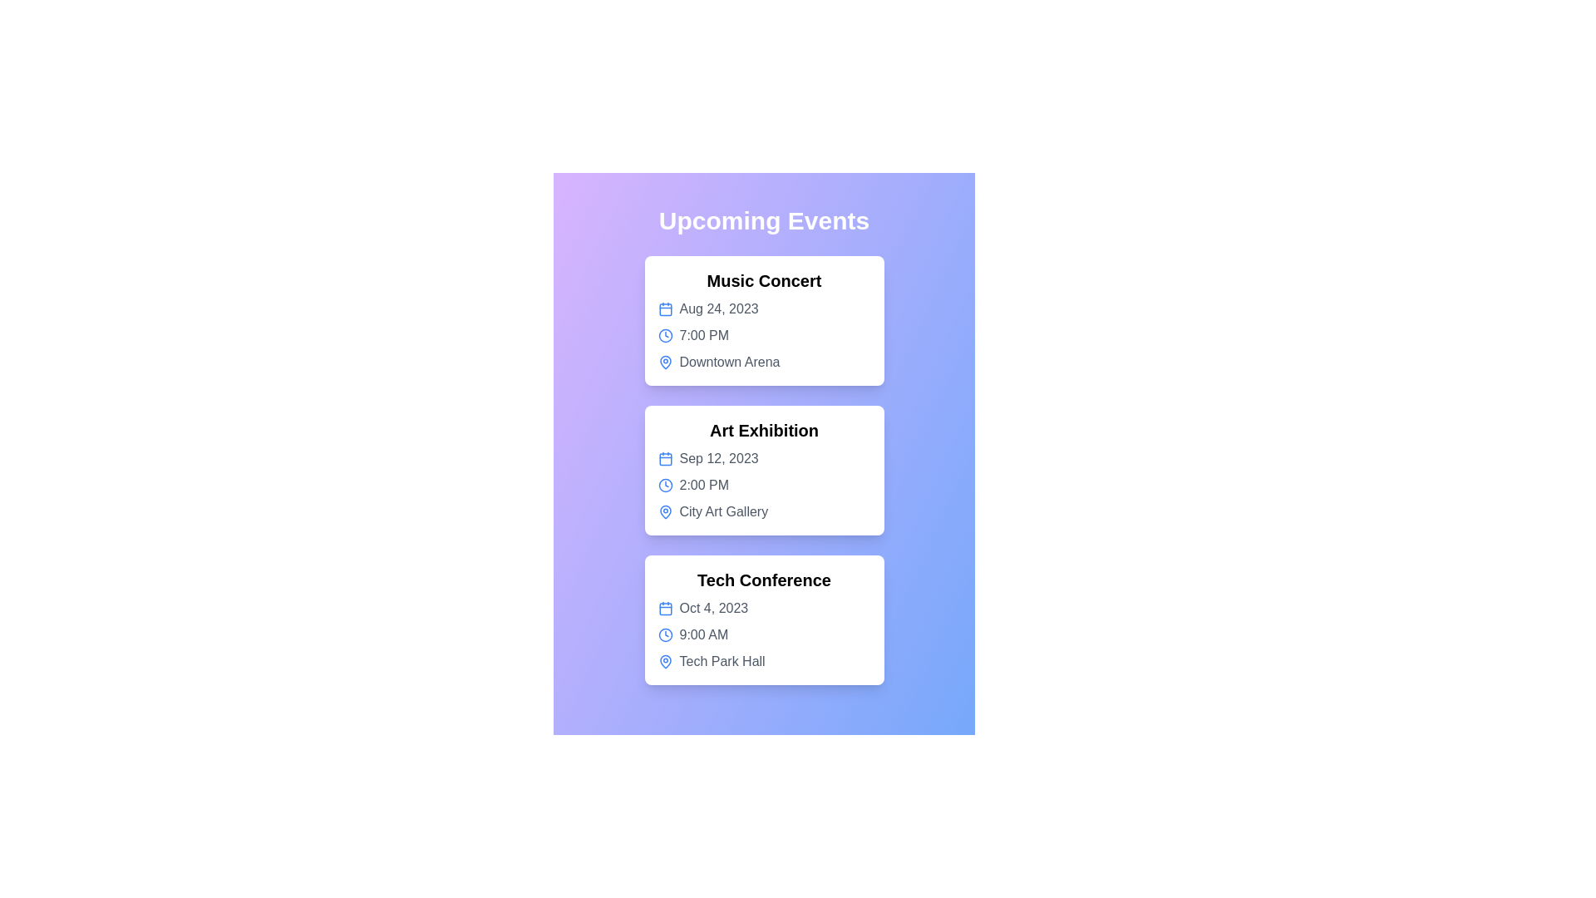 This screenshot has height=898, width=1596. I want to click on the geographic location icon representing 'Tech Park Hall' located to the immediate left of the text 'Tech Park Hall' within the 'Tech Conference' card, so click(665, 660).